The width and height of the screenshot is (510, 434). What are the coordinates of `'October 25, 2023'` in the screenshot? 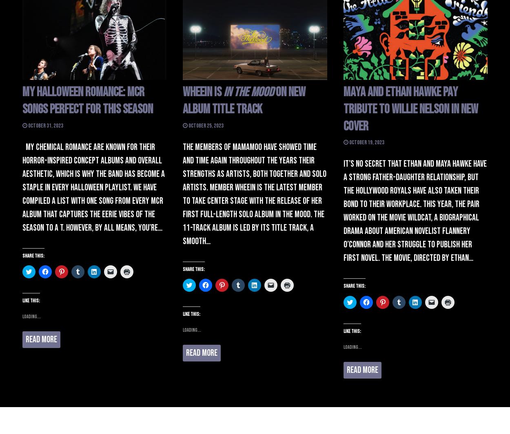 It's located at (206, 125).